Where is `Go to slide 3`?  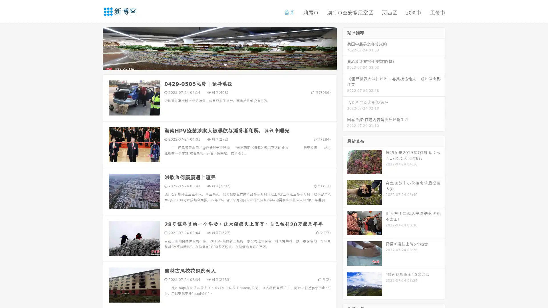
Go to slide 3 is located at coordinates (225, 64).